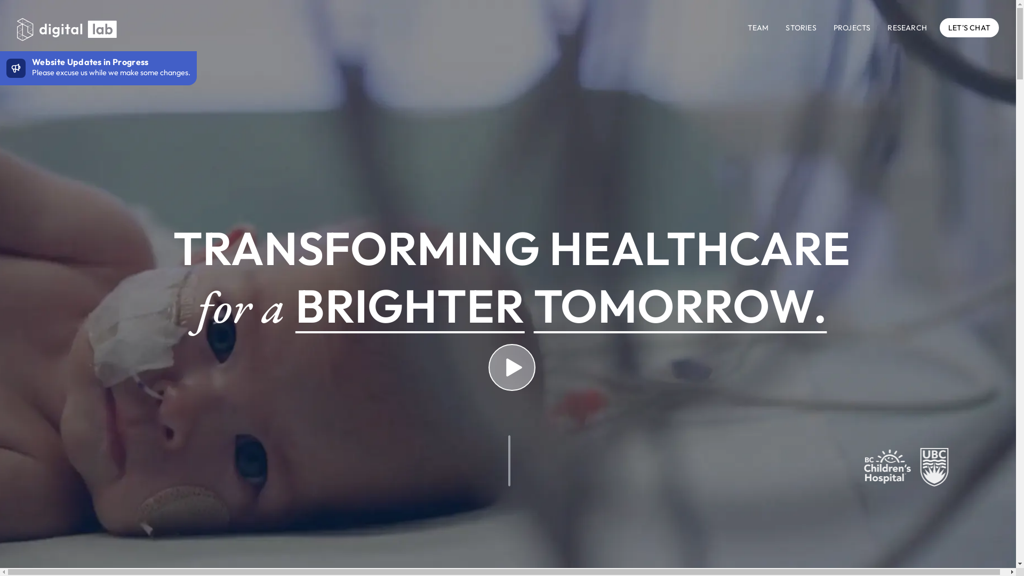  What do you see at coordinates (833, 27) in the screenshot?
I see `'PROJECTS'` at bounding box center [833, 27].